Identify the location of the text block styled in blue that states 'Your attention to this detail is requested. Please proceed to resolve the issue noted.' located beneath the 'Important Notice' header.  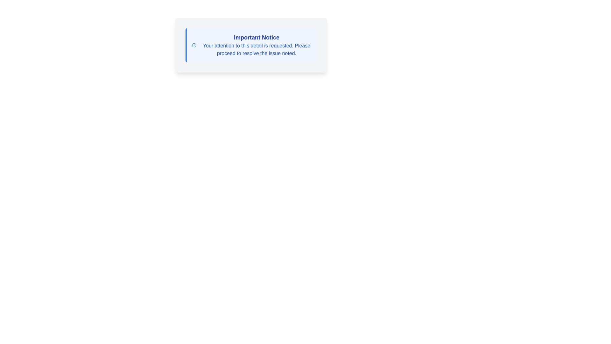
(256, 49).